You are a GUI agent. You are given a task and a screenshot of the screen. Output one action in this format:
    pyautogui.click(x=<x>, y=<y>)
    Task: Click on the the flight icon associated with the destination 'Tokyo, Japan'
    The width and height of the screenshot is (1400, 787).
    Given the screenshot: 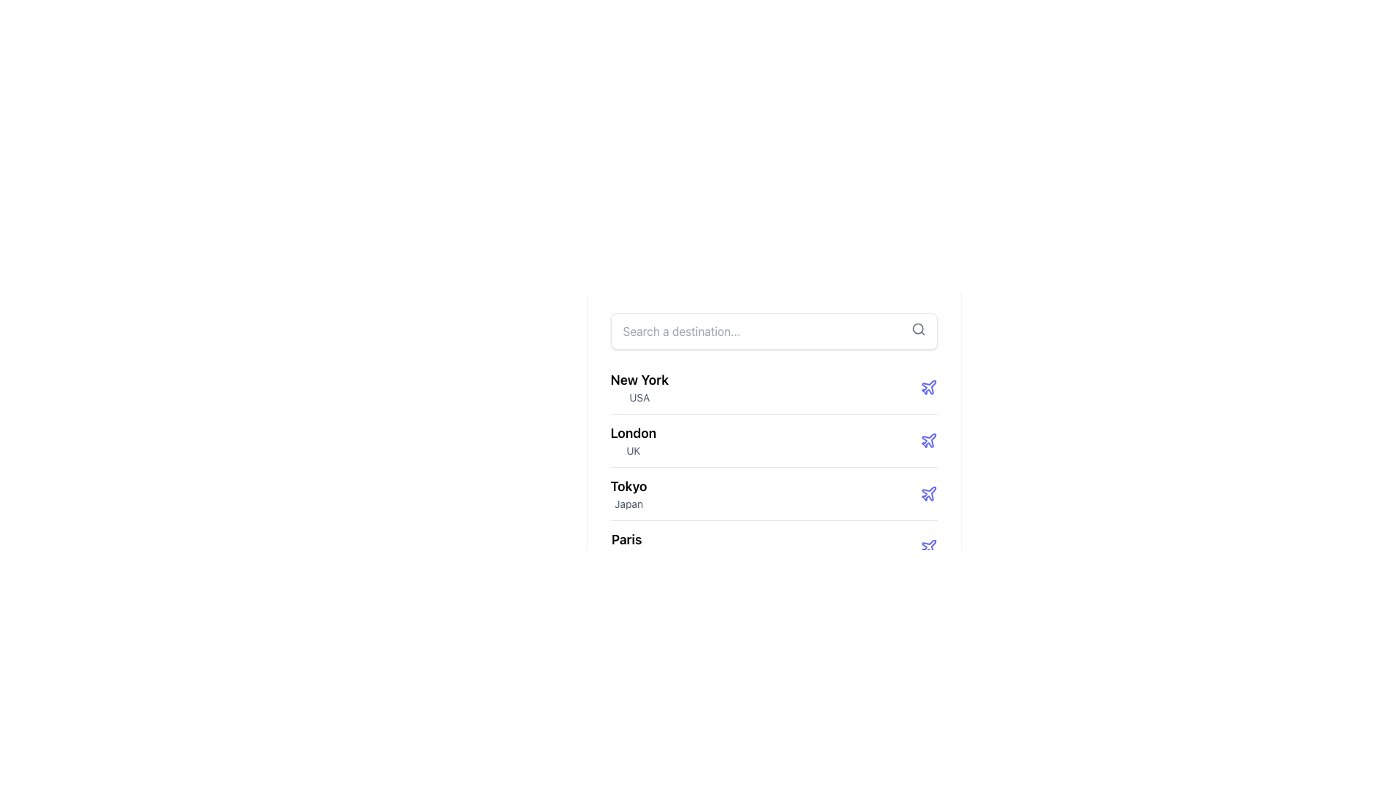 What is the action you would take?
    pyautogui.click(x=927, y=493)
    